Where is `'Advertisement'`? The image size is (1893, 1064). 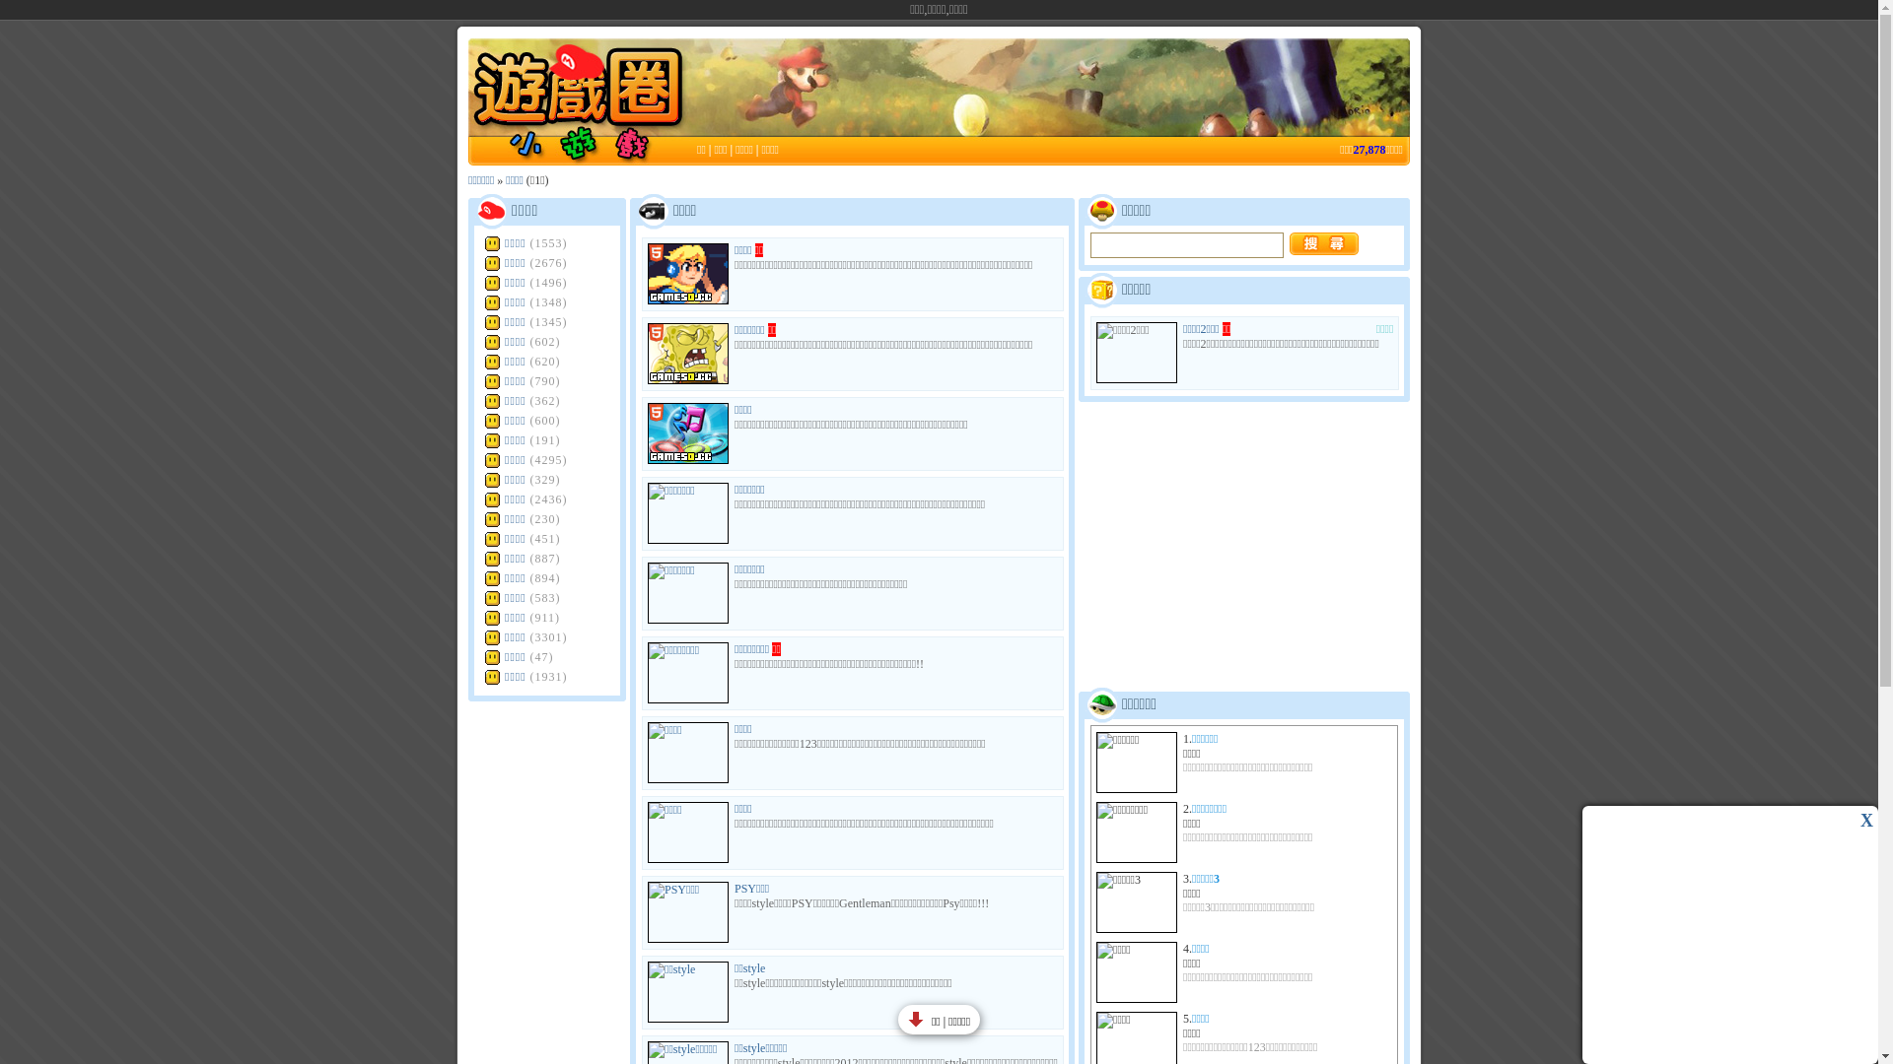
'Advertisement' is located at coordinates (1243, 546).